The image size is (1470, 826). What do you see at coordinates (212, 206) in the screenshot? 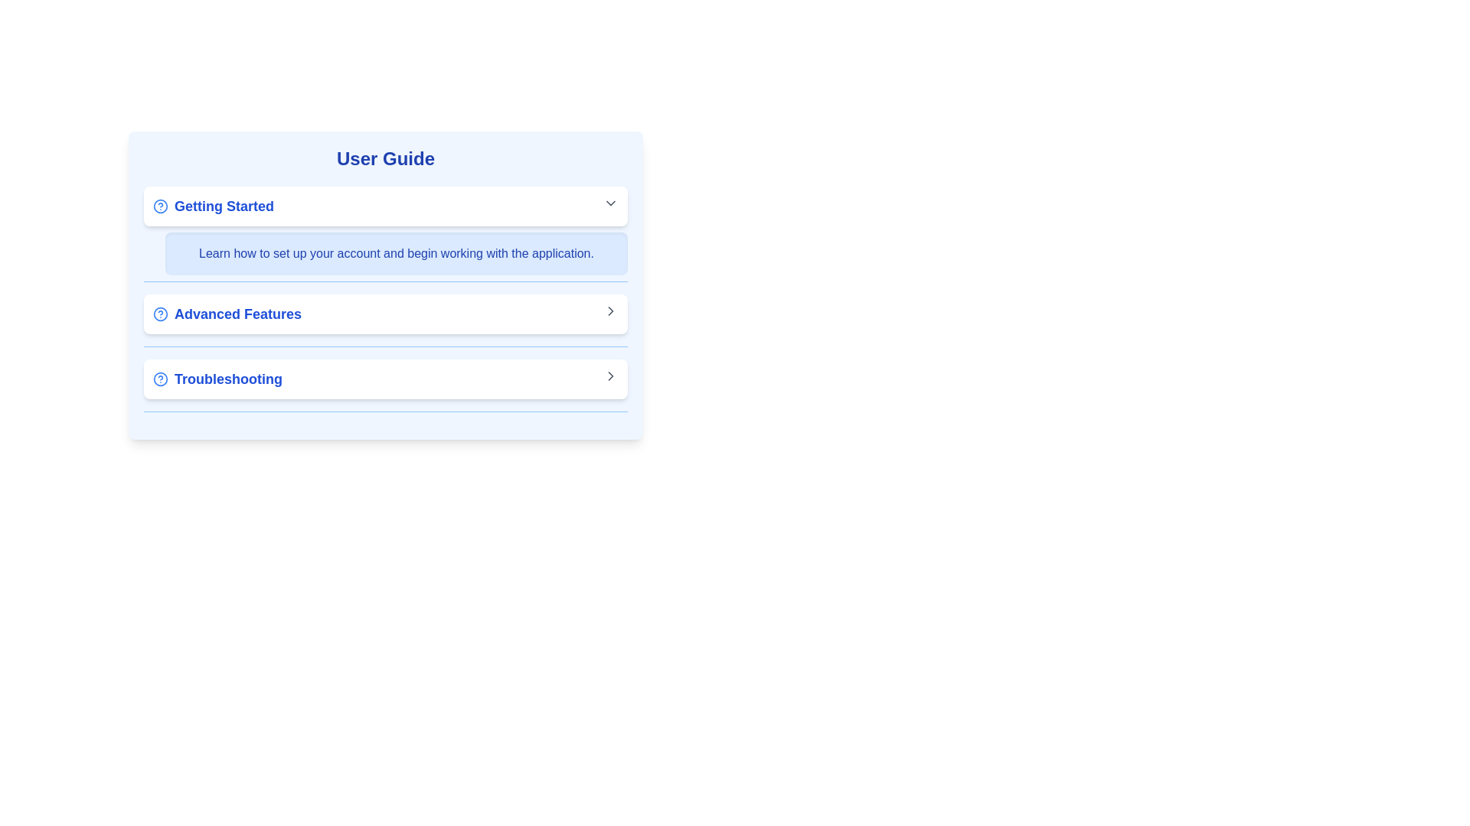
I see `the 'Getting Started' text element with a blue question mark icon for accessibility navigation` at bounding box center [212, 206].